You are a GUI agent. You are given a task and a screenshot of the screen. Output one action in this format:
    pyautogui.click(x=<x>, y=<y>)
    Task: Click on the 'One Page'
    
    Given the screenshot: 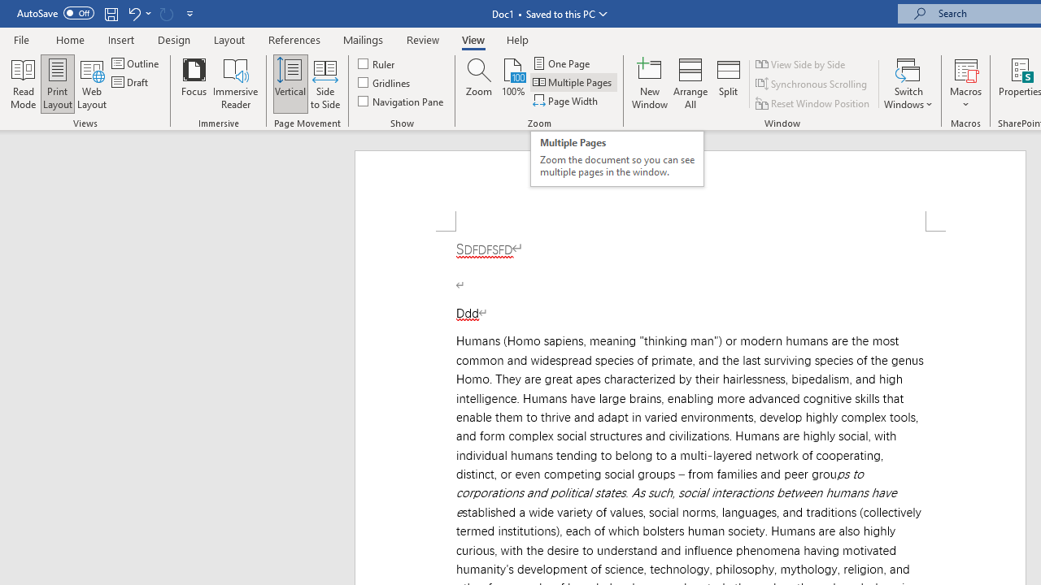 What is the action you would take?
    pyautogui.click(x=562, y=63)
    